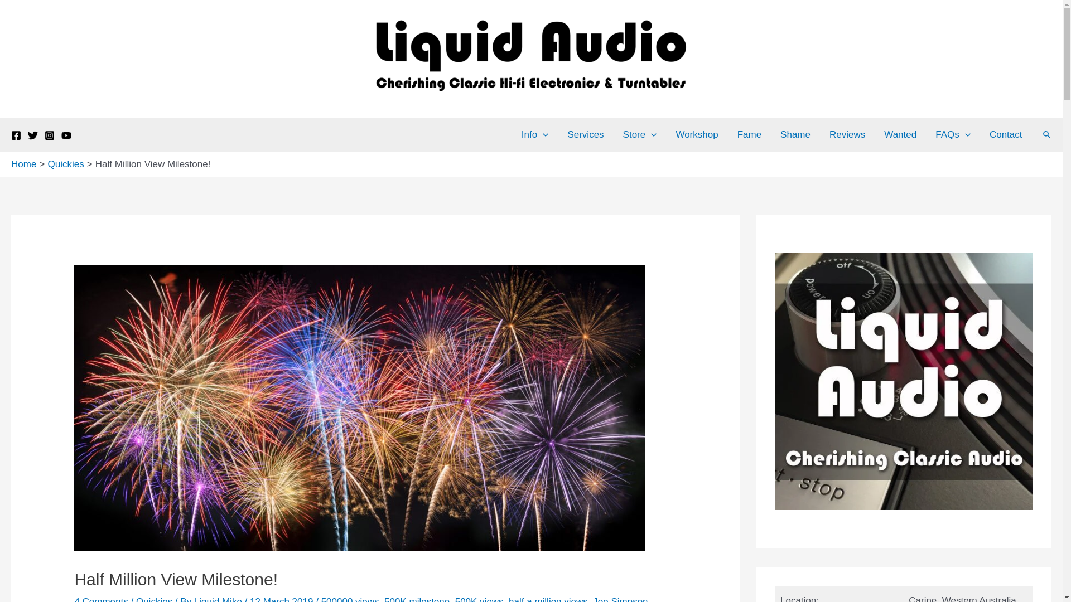  What do you see at coordinates (23, 164) in the screenshot?
I see `'Home'` at bounding box center [23, 164].